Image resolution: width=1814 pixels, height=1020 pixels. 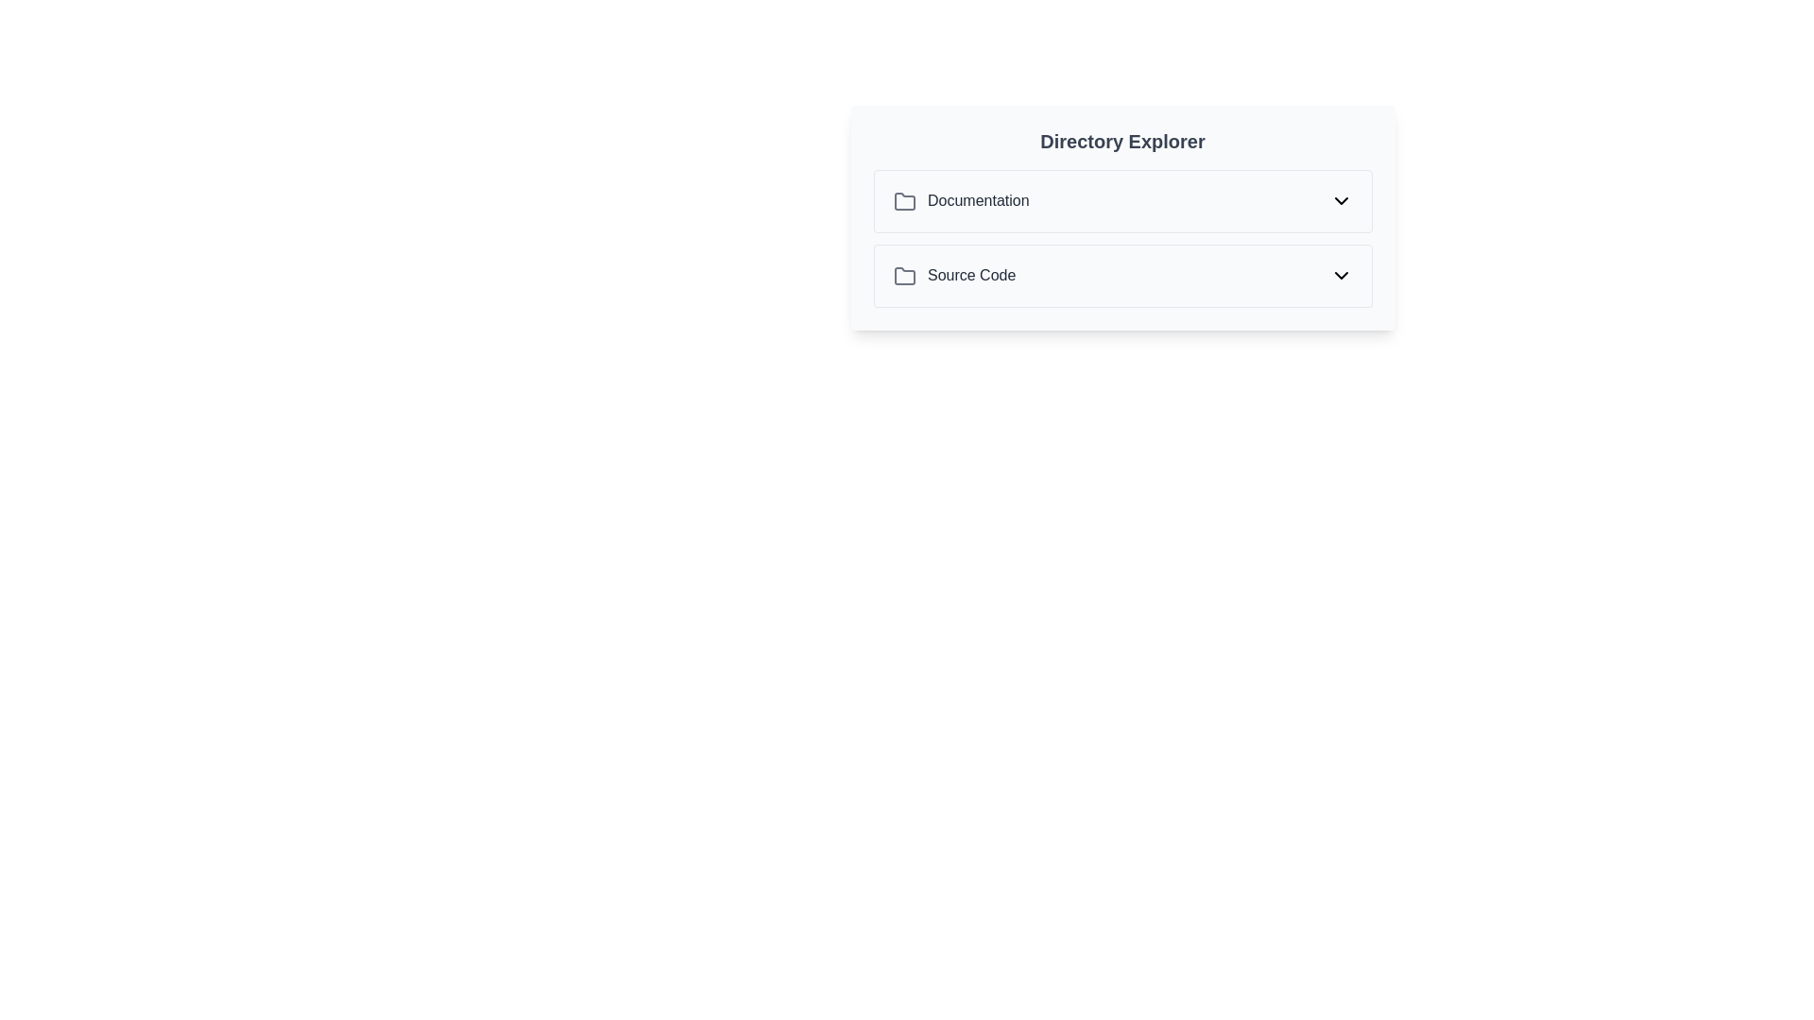 I want to click on the downward-pointing chevron icon on the right side of the 'Source Code' row, so click(x=1340, y=276).